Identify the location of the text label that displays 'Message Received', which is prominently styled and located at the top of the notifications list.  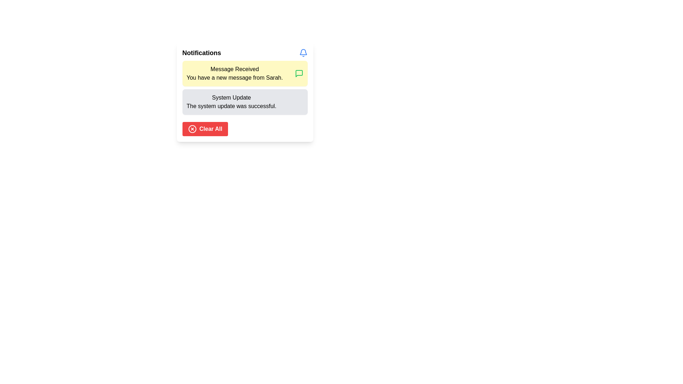
(234, 69).